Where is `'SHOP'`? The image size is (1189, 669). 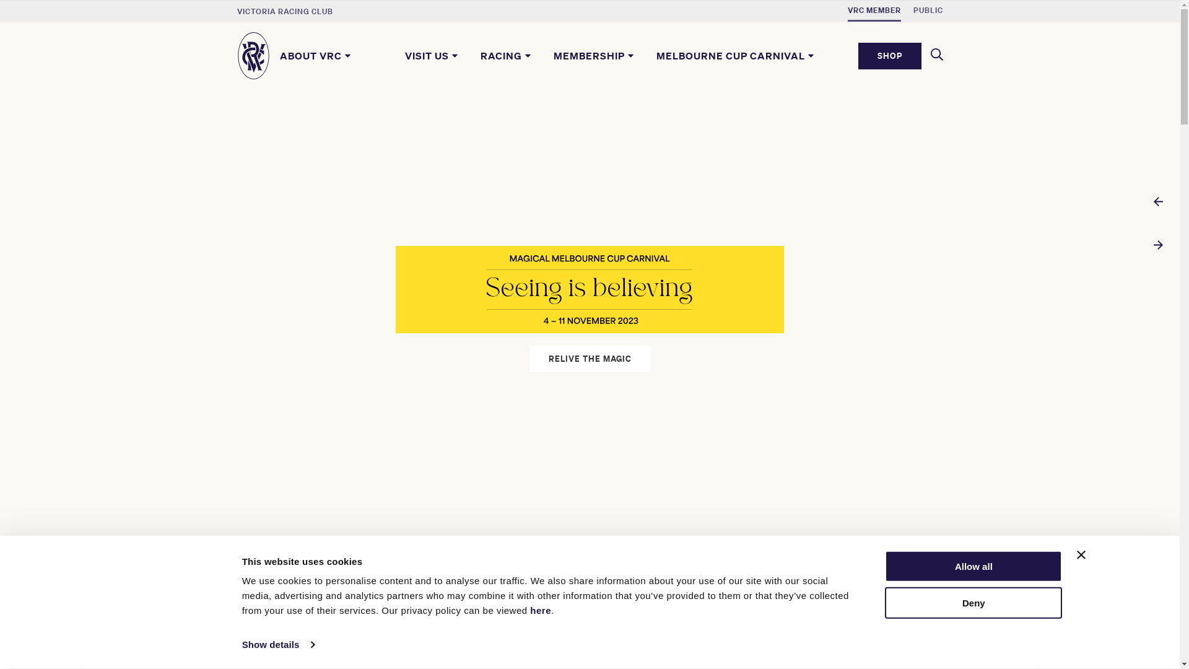
'SHOP' is located at coordinates (889, 55).